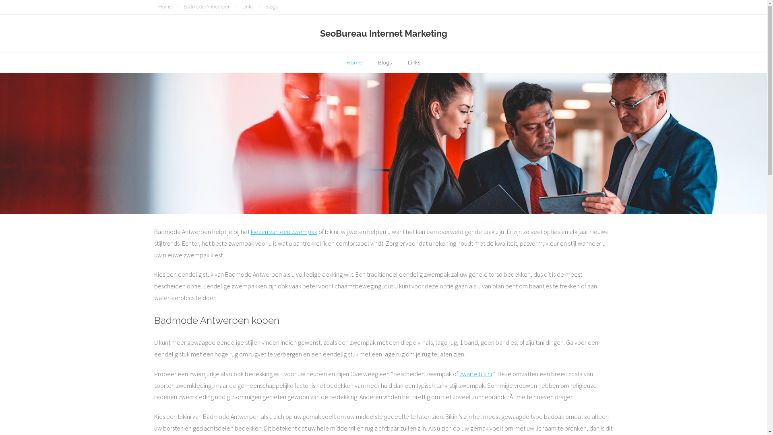 The image size is (773, 435). What do you see at coordinates (383, 33) in the screenshot?
I see `'SeoBureau Internet Marketing'` at bounding box center [383, 33].